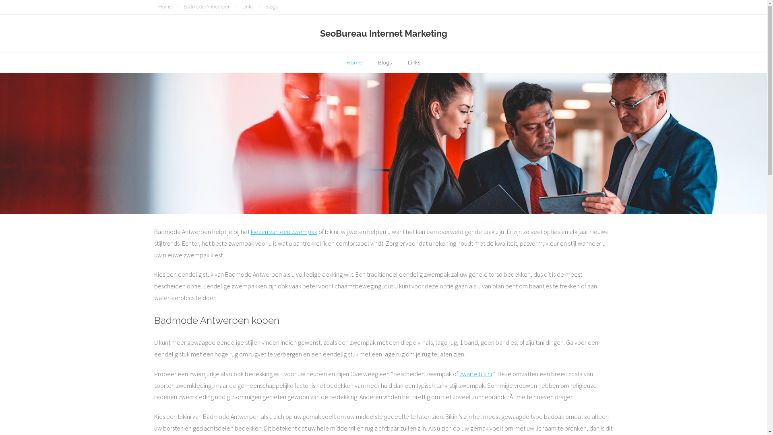 The image size is (773, 435). What do you see at coordinates (383, 33) in the screenshot?
I see `'SeoBureau Internet Marketing'` at bounding box center [383, 33].